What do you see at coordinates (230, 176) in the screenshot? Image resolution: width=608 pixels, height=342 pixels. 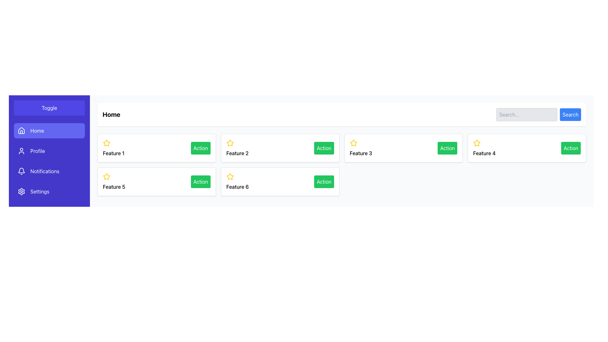 I see `the star-shaped icon, which is bold yellow with a hollow center, located above the text 'Feature 6'` at bounding box center [230, 176].